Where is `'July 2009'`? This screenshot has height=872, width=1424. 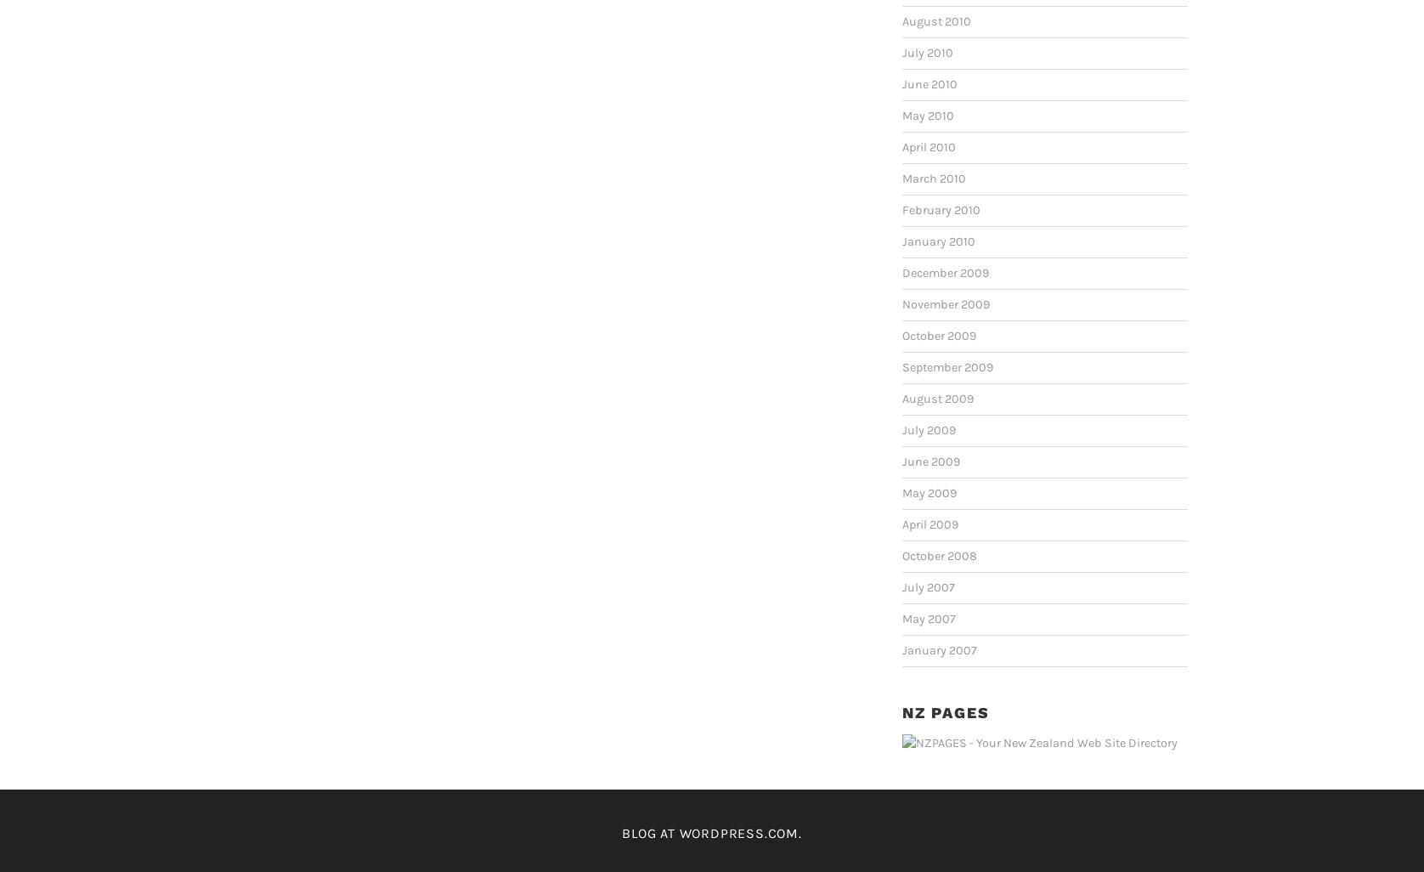
'July 2009' is located at coordinates (901, 428).